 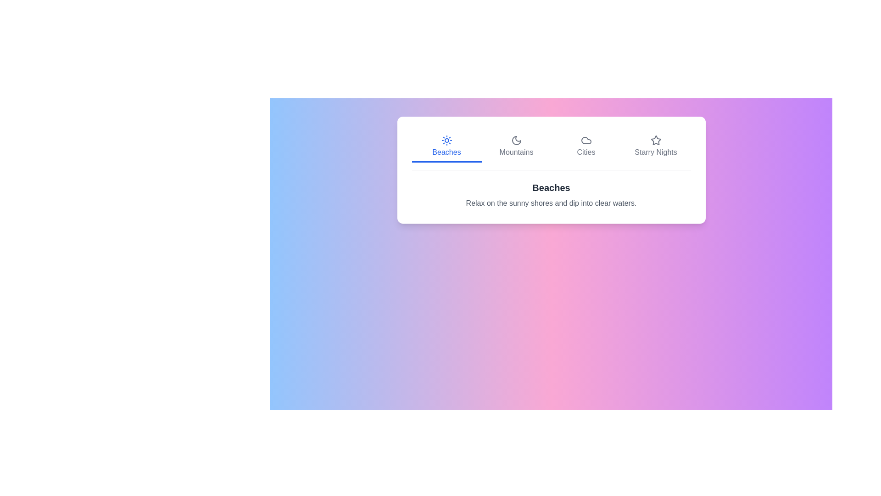 What do you see at coordinates (655, 147) in the screenshot?
I see `the Starry Nights button to preview its hover effect` at bounding box center [655, 147].